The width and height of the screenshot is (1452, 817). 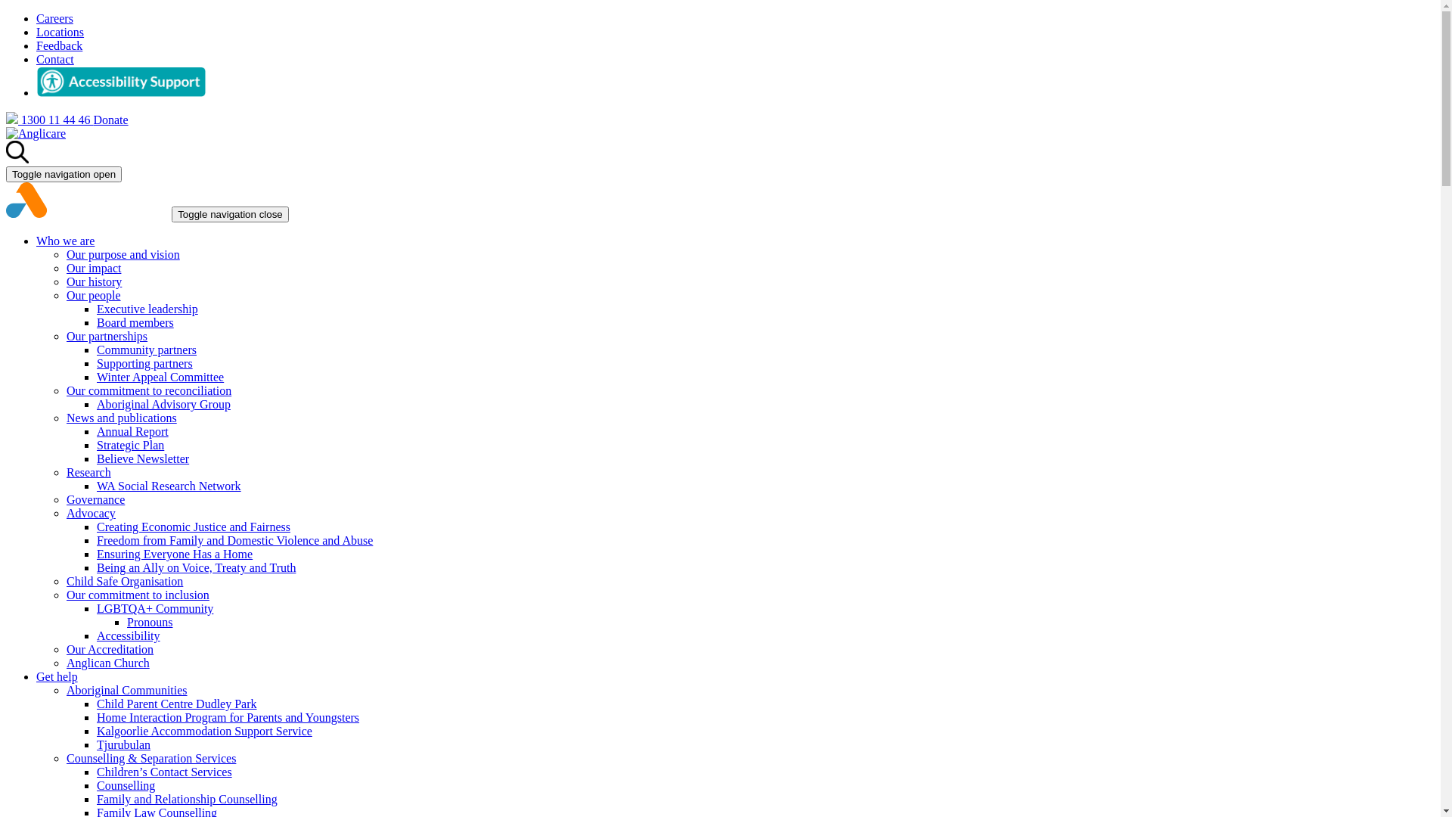 I want to click on 'Contact', so click(x=36, y=58).